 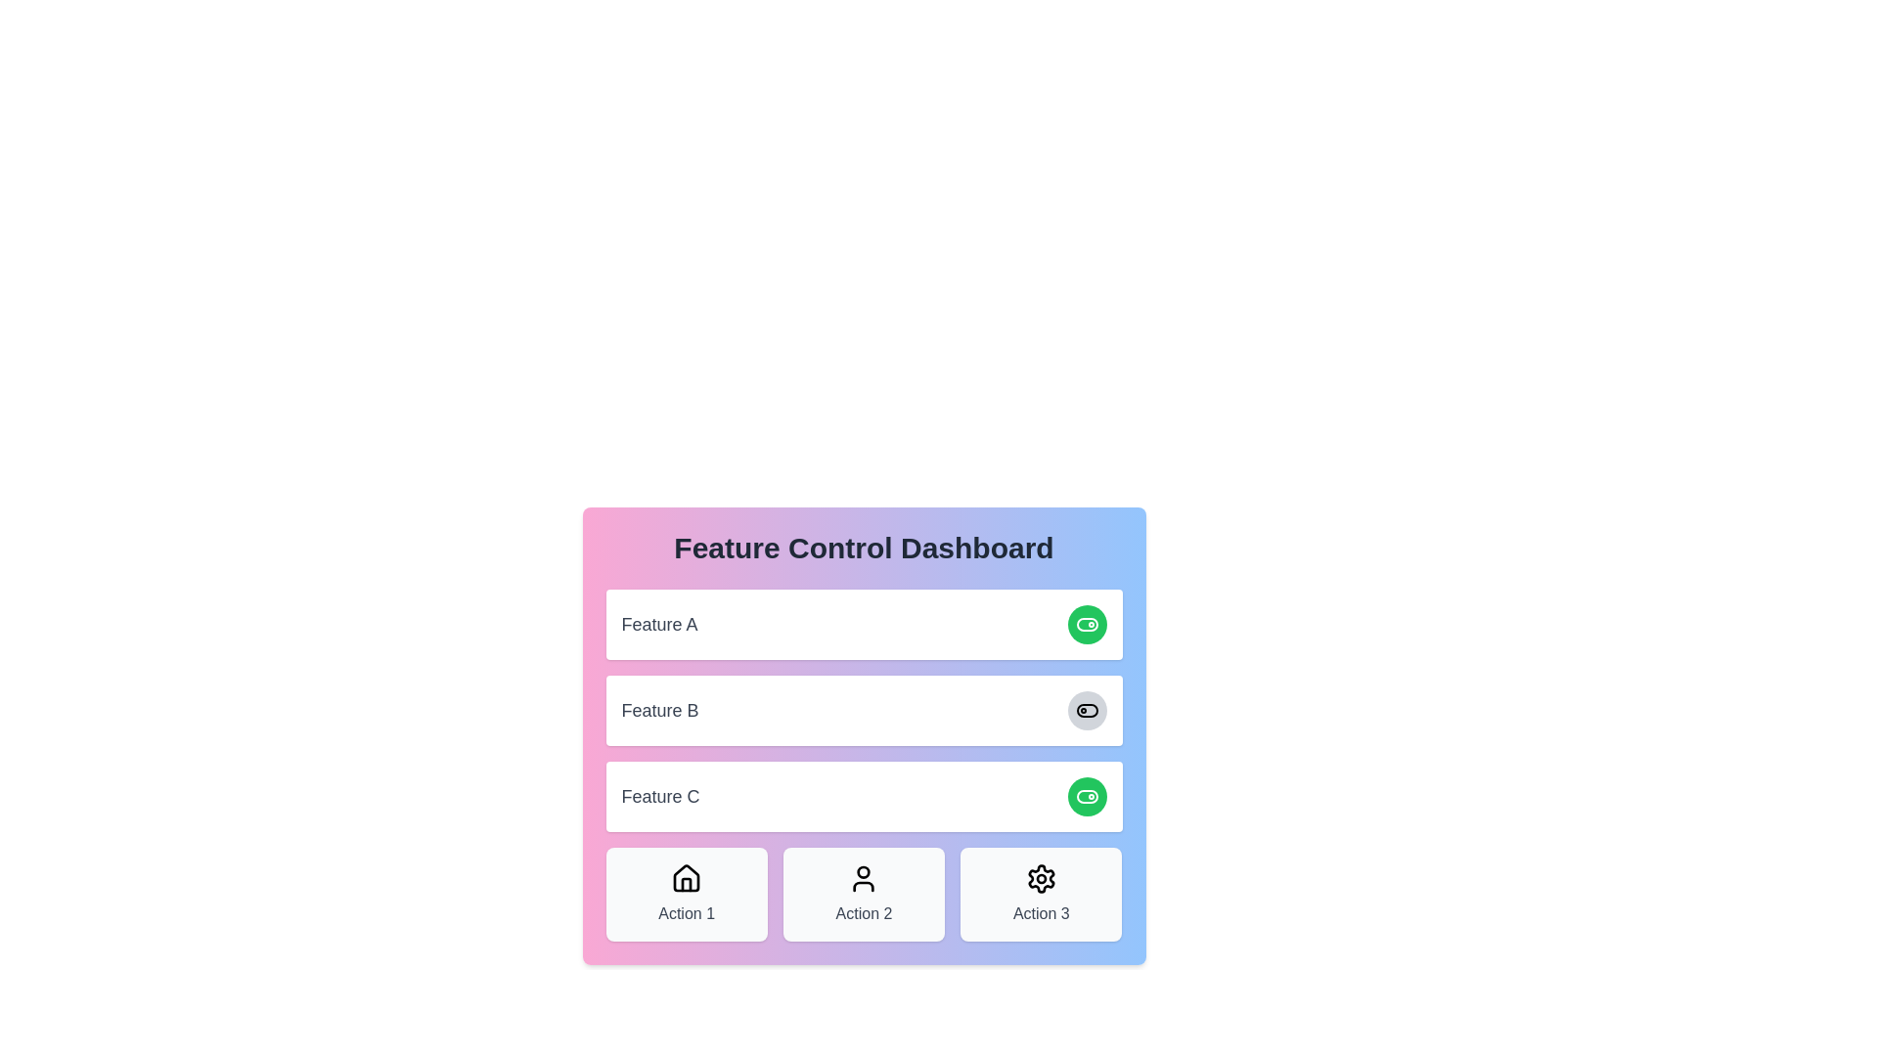 What do you see at coordinates (1086, 710) in the screenshot?
I see `the toggle switch base, which is a rectangular SVG shape with rounded corners and a subtle gray fill, located to the right of the 'Feature B' row in the dashboard interface` at bounding box center [1086, 710].